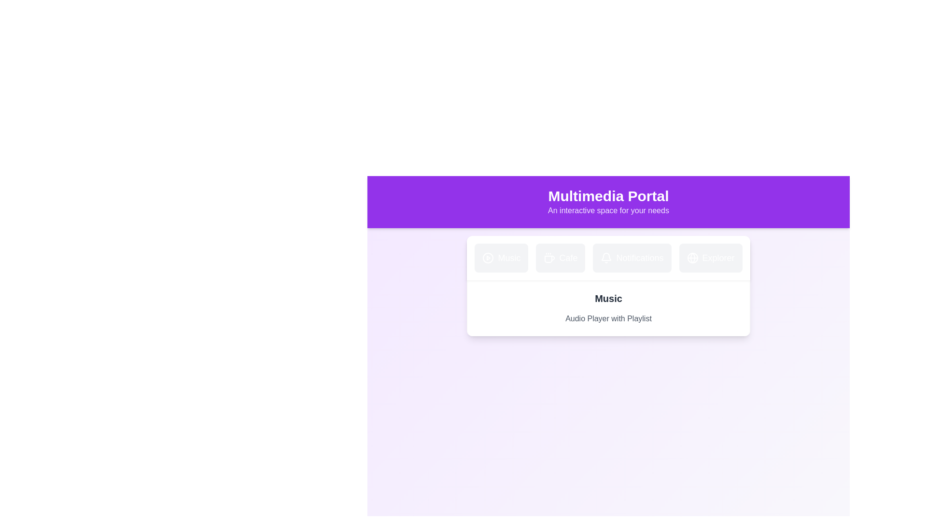  I want to click on the 'Multimedia Portal' heading located at the top-center of the purple header, which serves as the title for the interface, so click(608, 196).